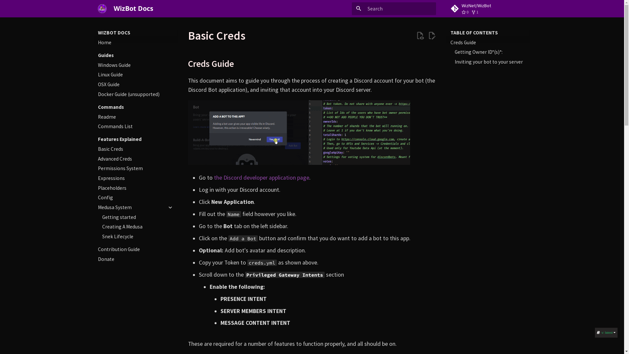  What do you see at coordinates (102, 9) in the screenshot?
I see `'WizBot Docs'` at bounding box center [102, 9].